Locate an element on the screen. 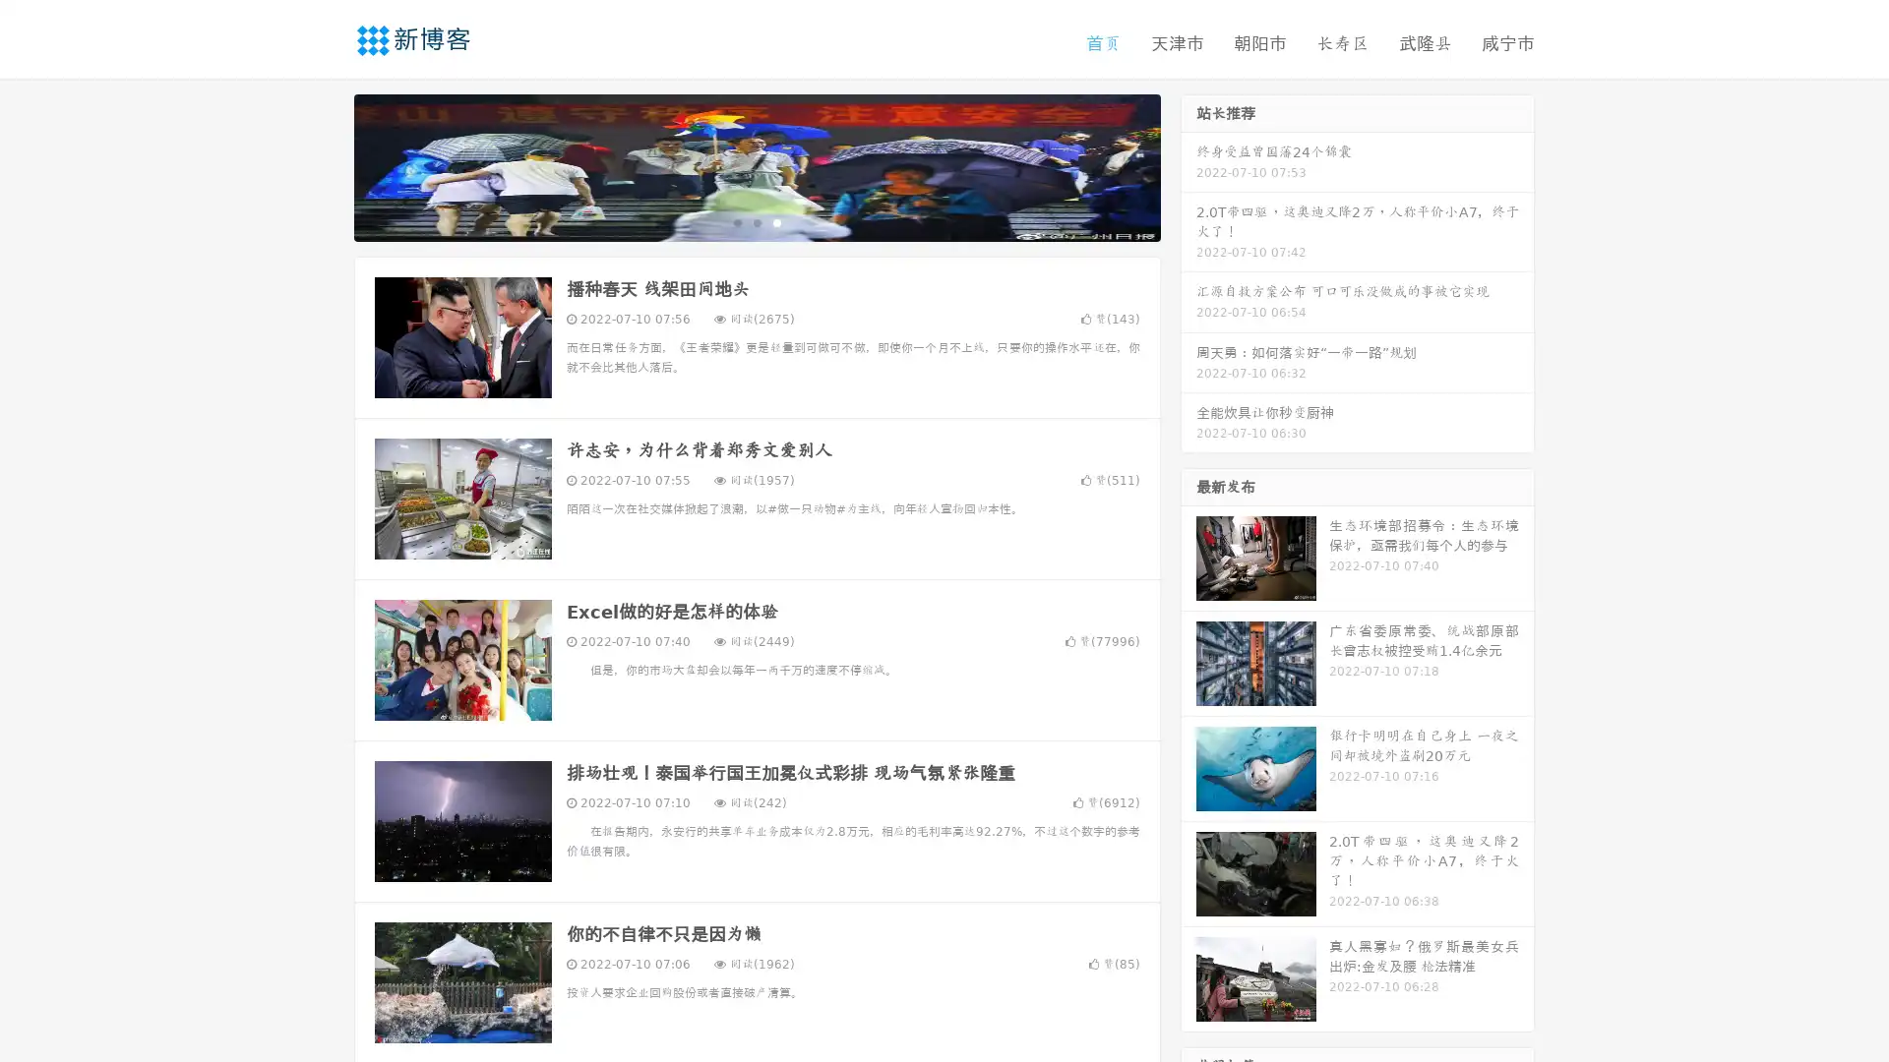  Go to slide 3 is located at coordinates (776, 221).